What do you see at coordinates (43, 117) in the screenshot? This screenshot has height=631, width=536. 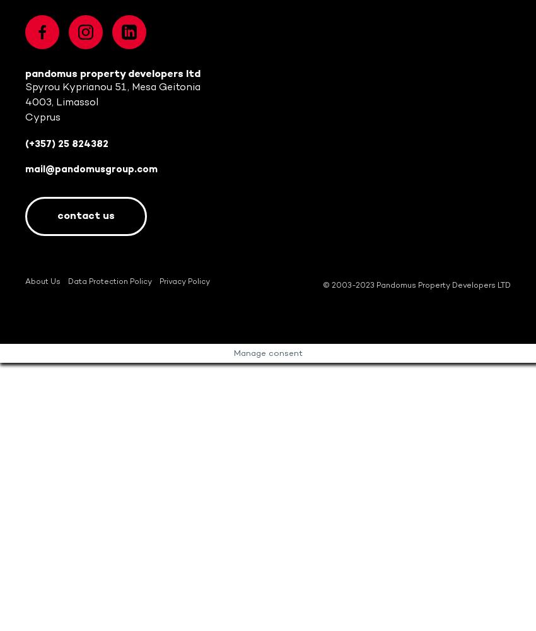 I see `'Cyprus'` at bounding box center [43, 117].